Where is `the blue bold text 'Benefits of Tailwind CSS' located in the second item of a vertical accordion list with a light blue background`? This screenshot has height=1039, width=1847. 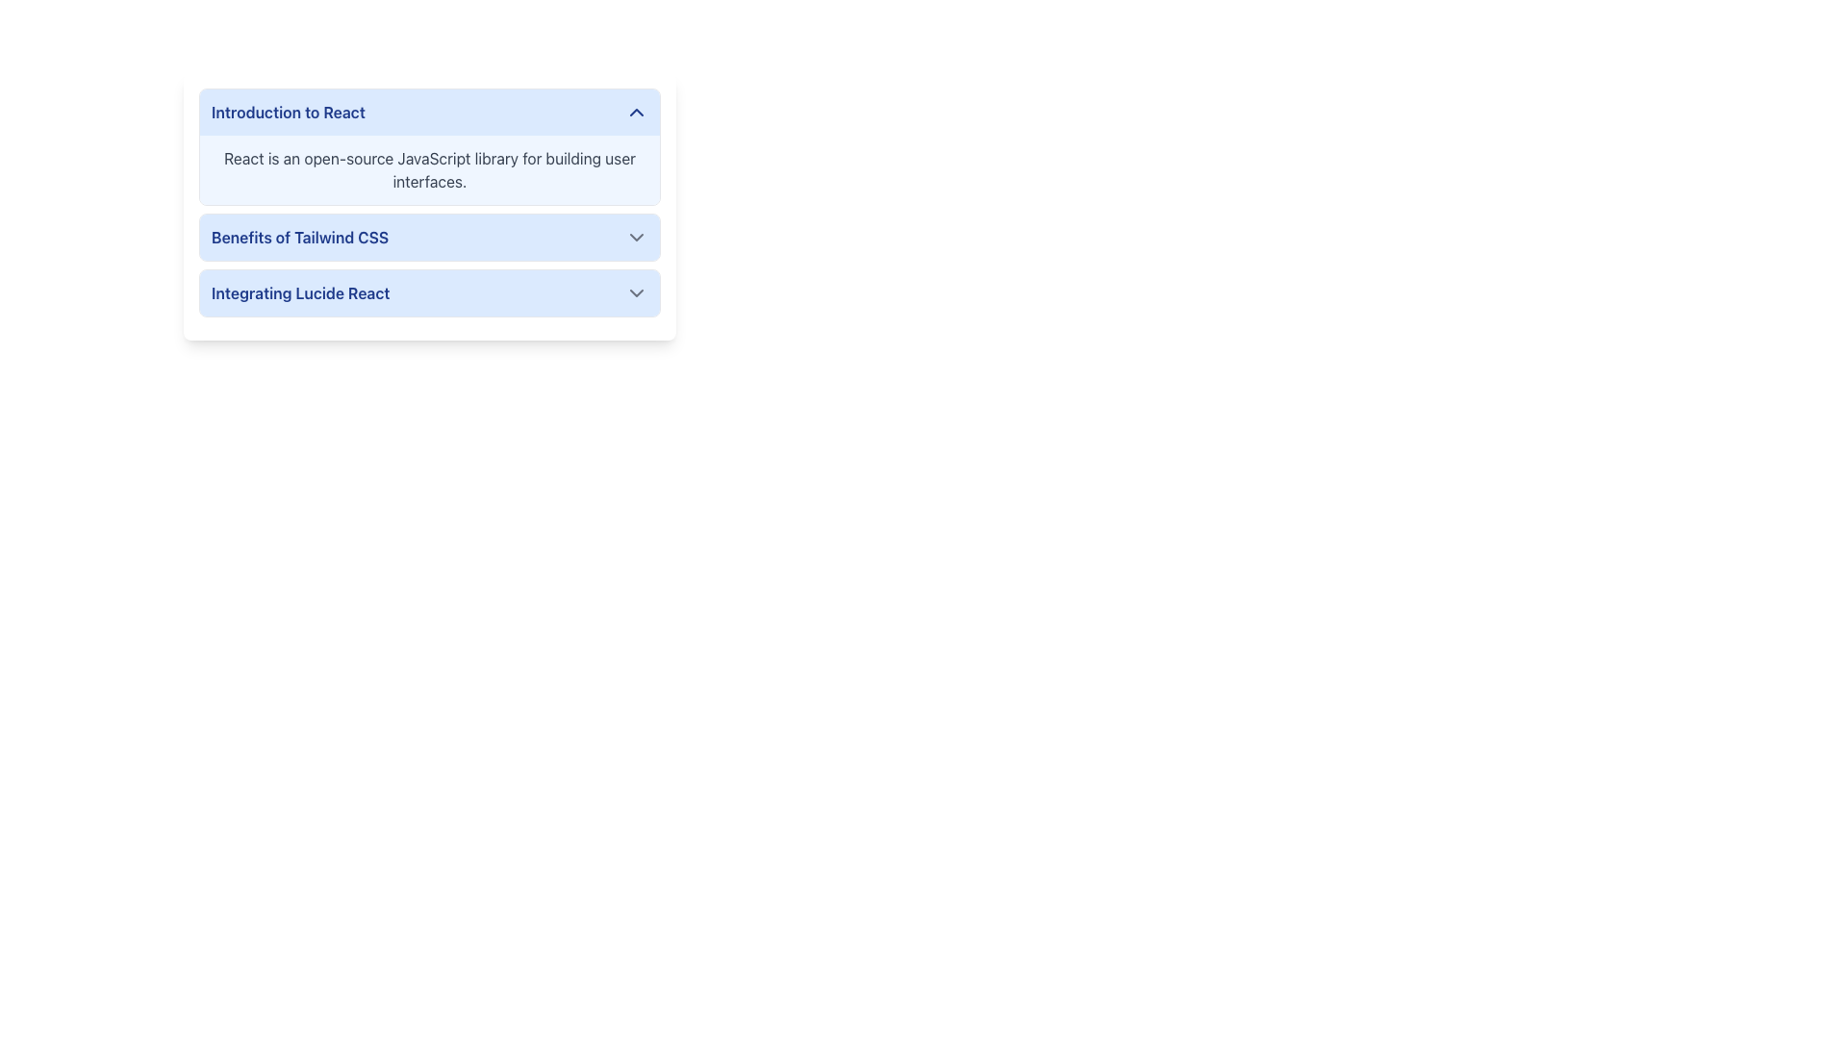 the blue bold text 'Benefits of Tailwind CSS' located in the second item of a vertical accordion list with a light blue background is located at coordinates (299, 236).